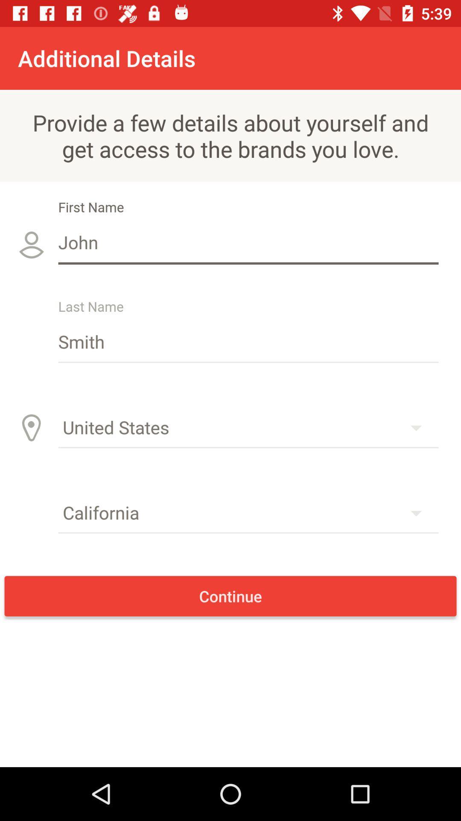 This screenshot has height=821, width=461. Describe the element at coordinates (248, 341) in the screenshot. I see `the smith` at that location.